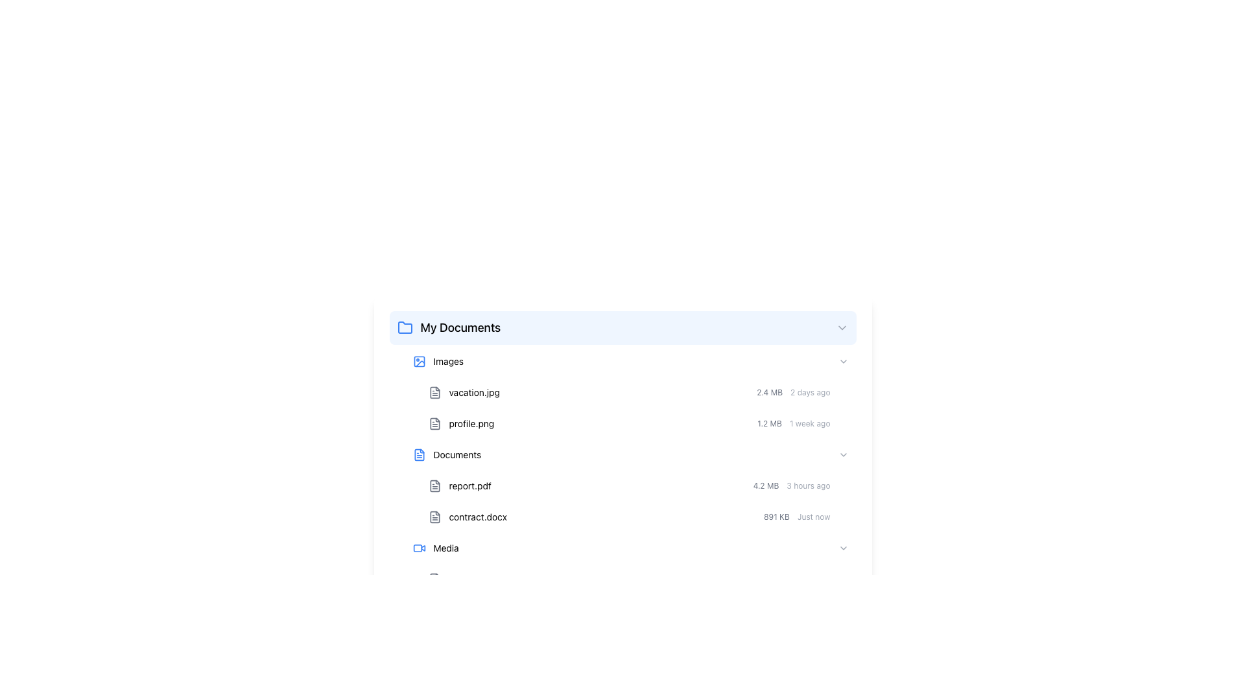 This screenshot has width=1245, height=700. I want to click on the button-like label with the icon that is associated with the 'Images' section, located at the top of the 'My Documents' list, so click(438, 362).